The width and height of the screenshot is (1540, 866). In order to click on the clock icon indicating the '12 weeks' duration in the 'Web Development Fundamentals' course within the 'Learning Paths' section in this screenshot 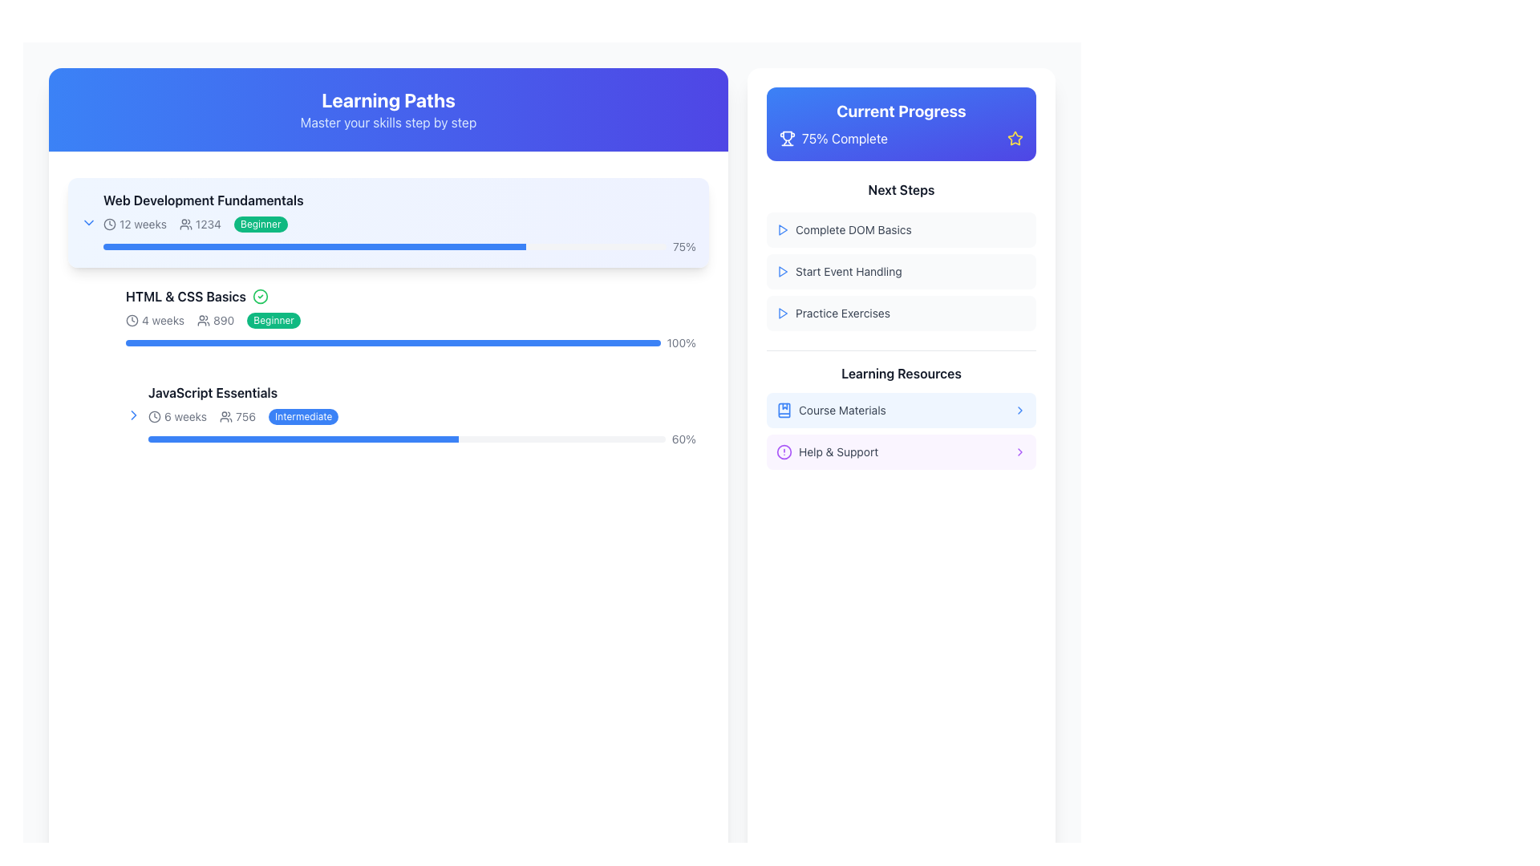, I will do `click(109, 225)`.